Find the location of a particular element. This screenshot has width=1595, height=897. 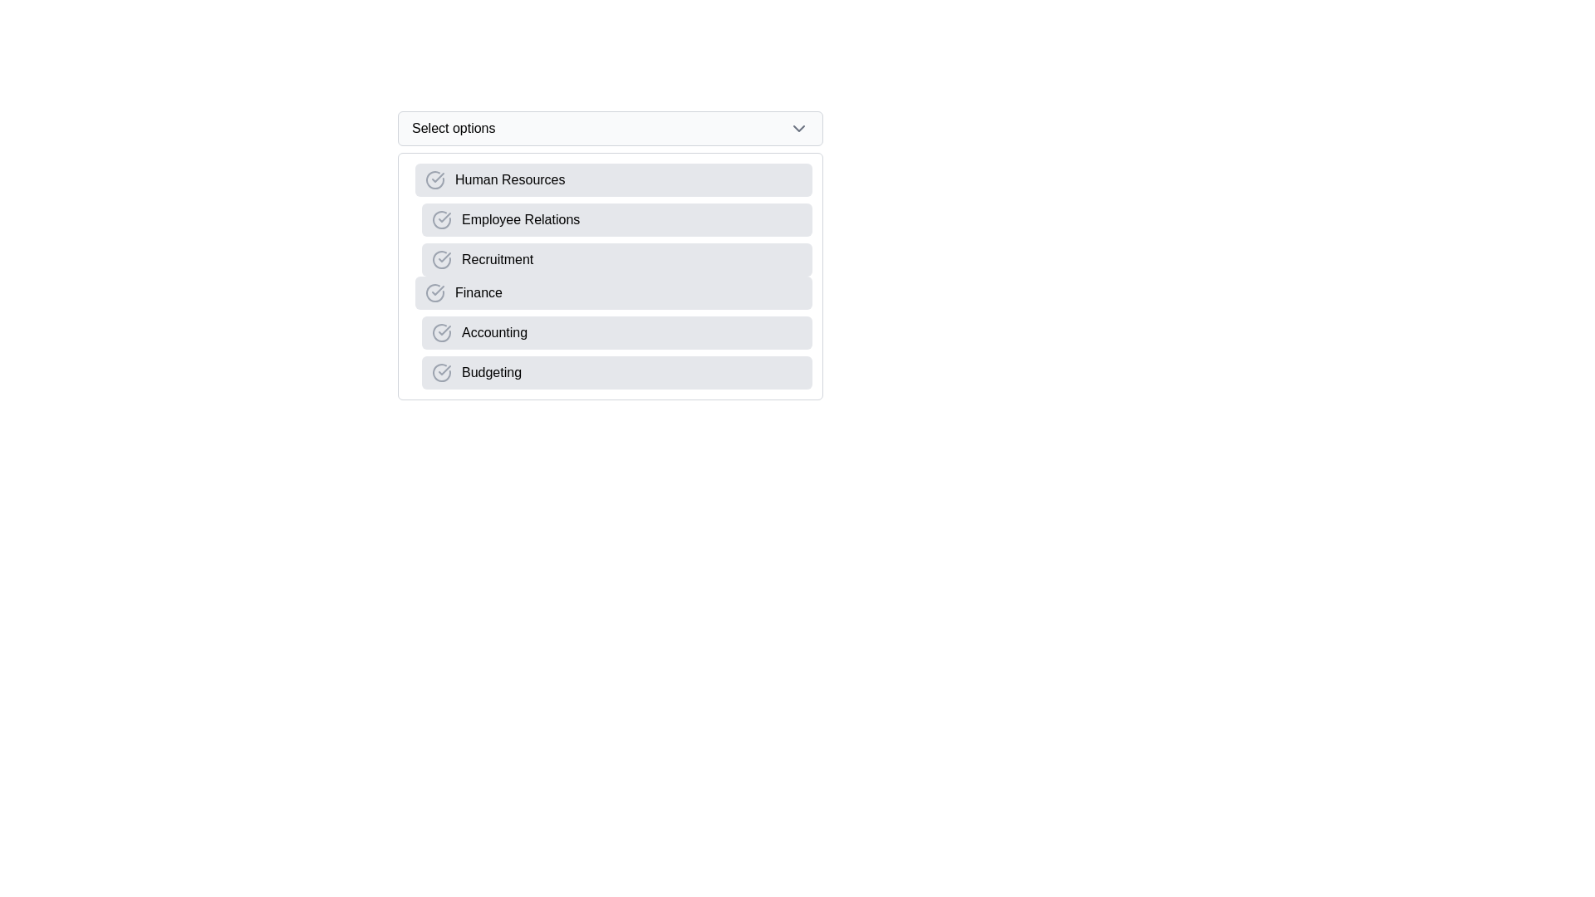

the graphic element indicating selection for the 'Budgeting' option, which is part of a circular icon to the left of the word 'Budgeting' is located at coordinates (442, 371).